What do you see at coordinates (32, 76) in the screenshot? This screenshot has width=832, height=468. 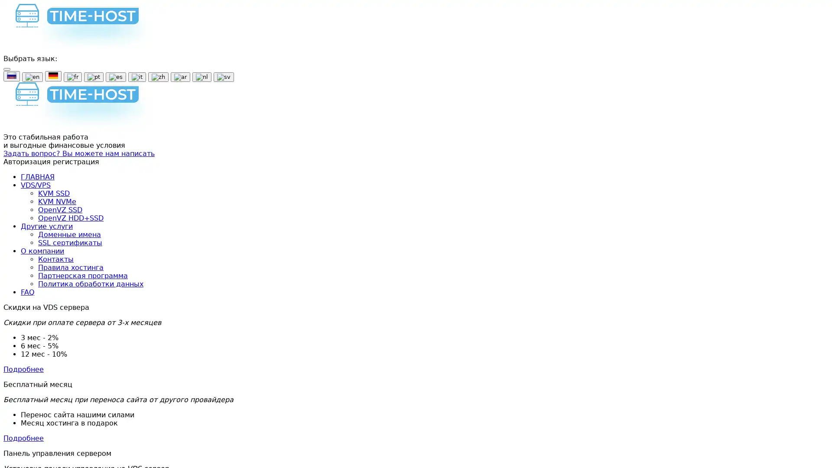 I see `en` at bounding box center [32, 76].